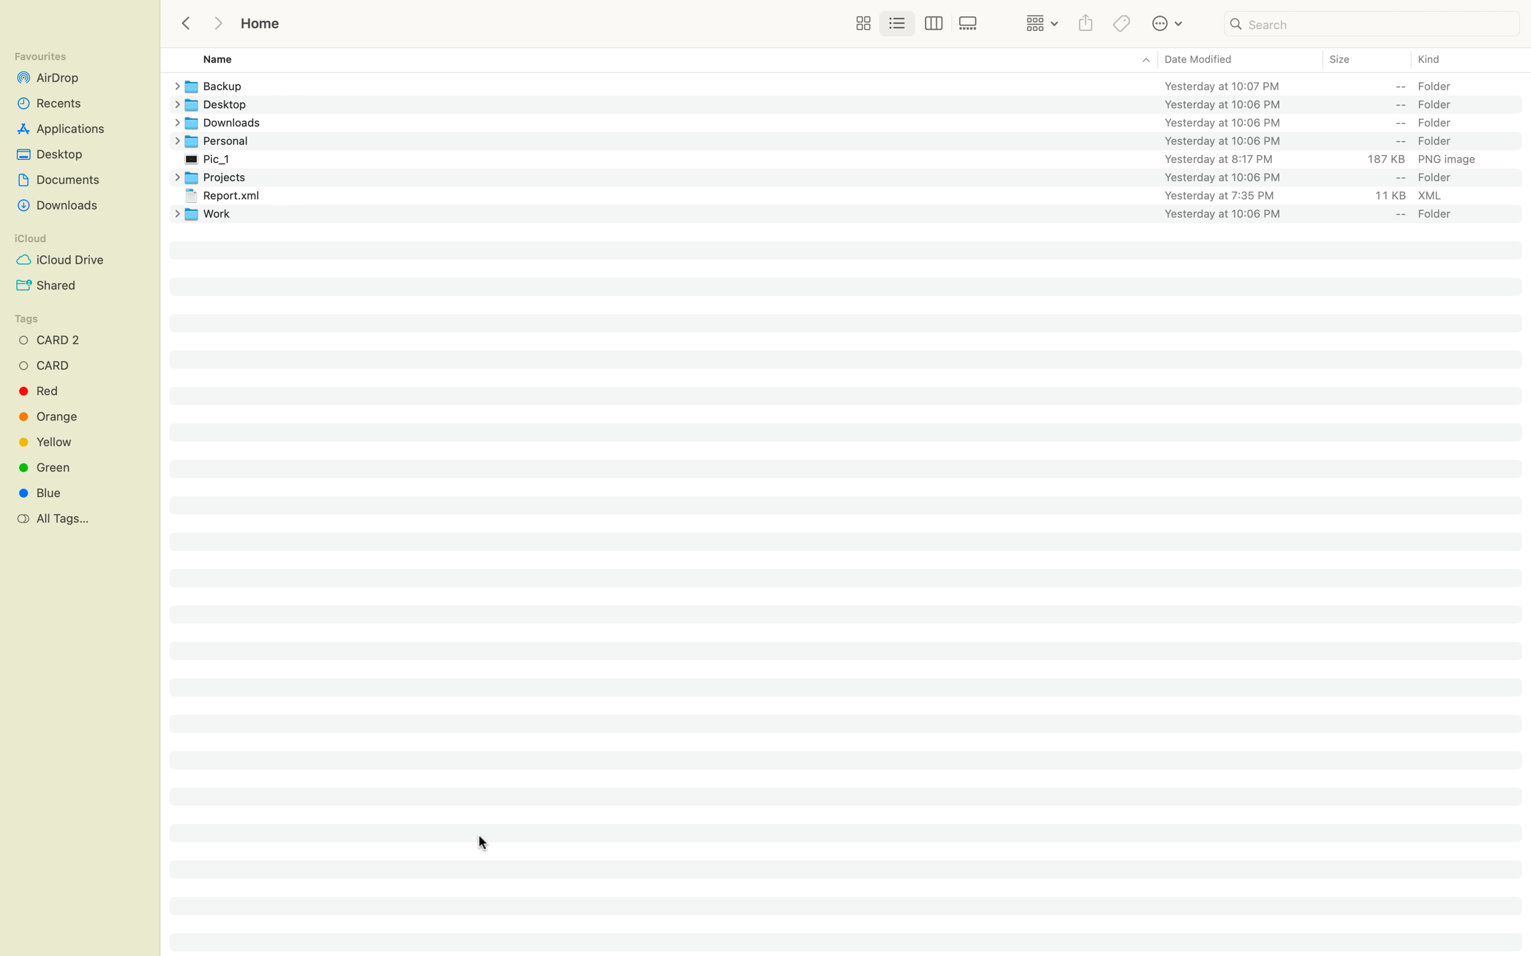 Image resolution: width=1531 pixels, height=956 pixels. Describe the element at coordinates (856, 103) in the screenshot. I see `Rename the Desktop folder to "My Desktop` at that location.